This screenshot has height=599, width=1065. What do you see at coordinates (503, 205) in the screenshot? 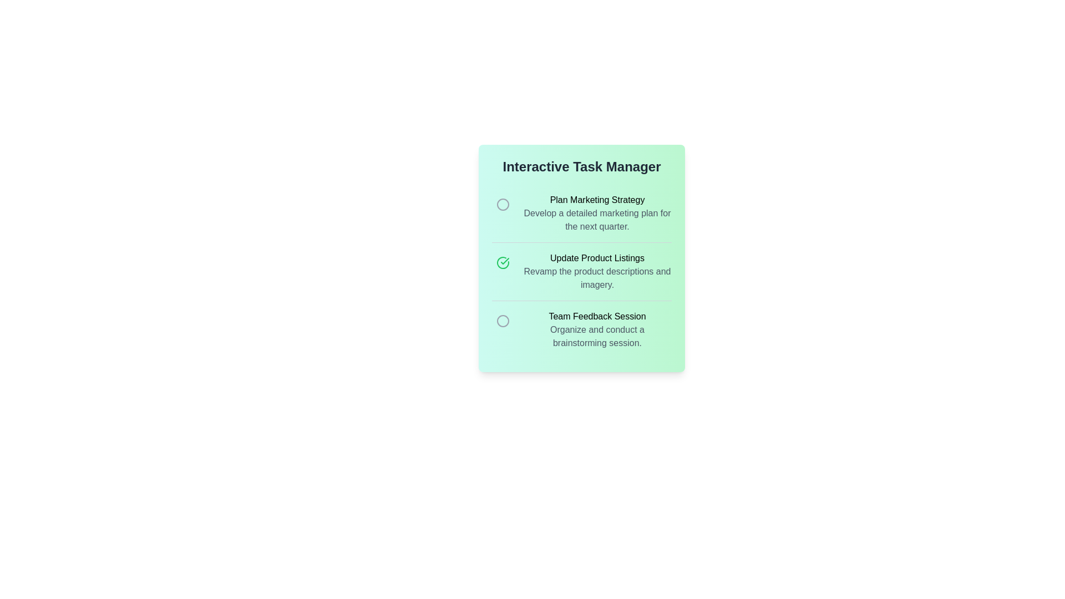
I see `the completion icon for the task 'Plan Marketing Strategy'` at bounding box center [503, 205].